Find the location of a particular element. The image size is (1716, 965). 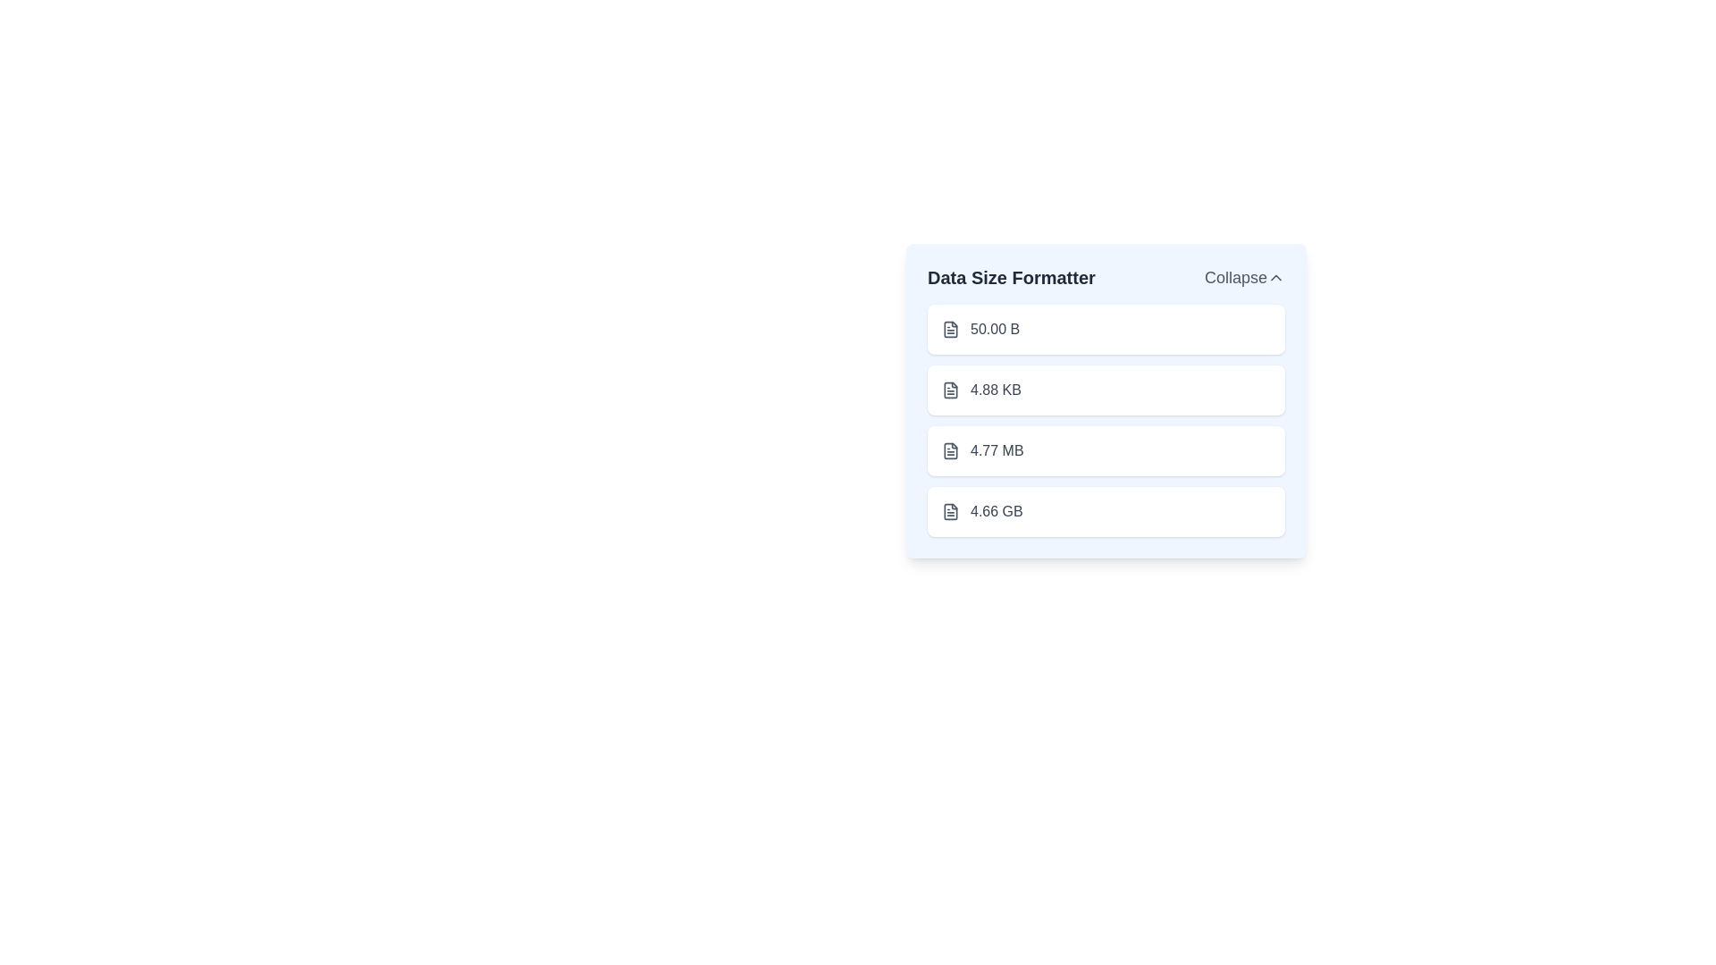

the icon located to the left side of the box displaying '4.66 GB', which serves as a visual aid for data size is located at coordinates (950, 512).